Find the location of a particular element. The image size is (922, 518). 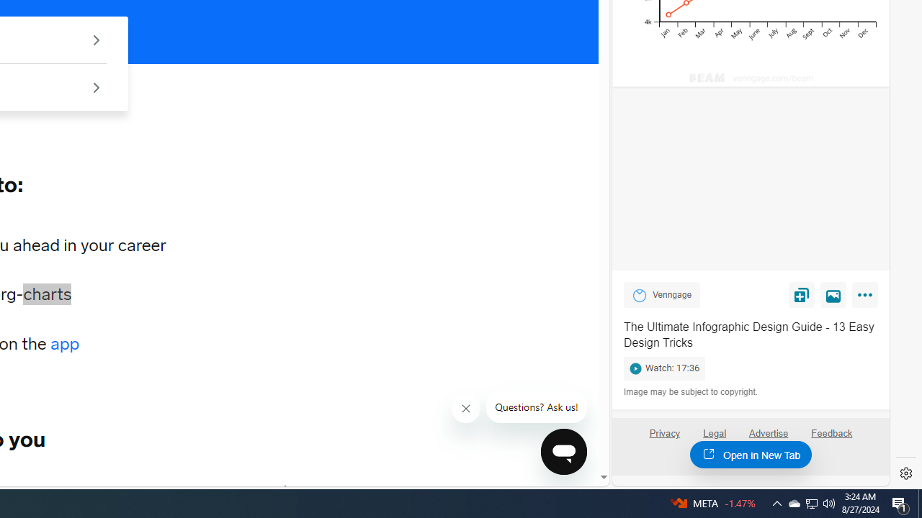

'Class: sc-1uf0igr-1 fjHZYk' is located at coordinates (466, 409).